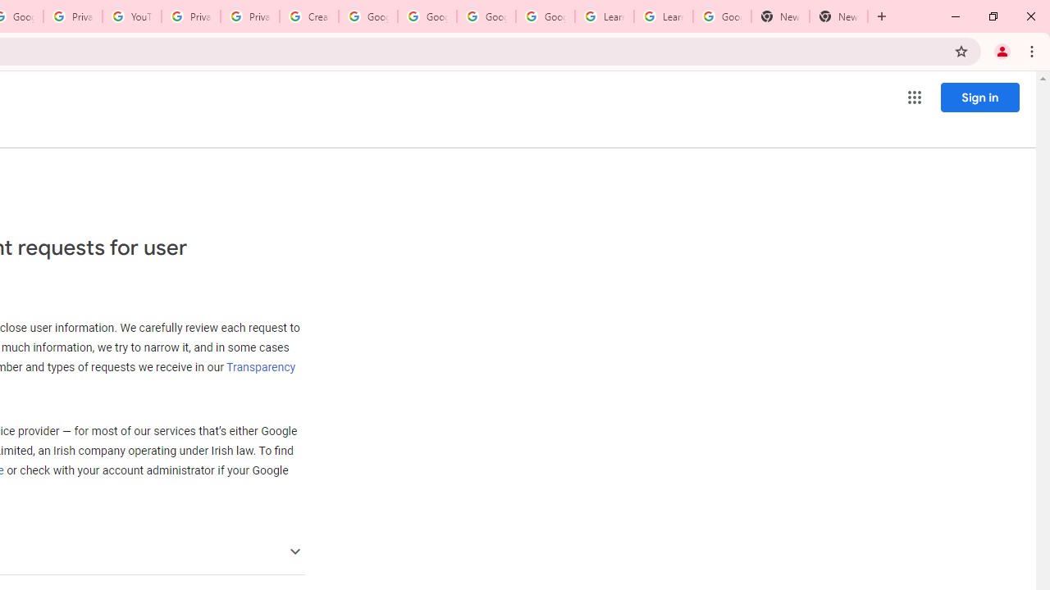 Image resolution: width=1050 pixels, height=590 pixels. I want to click on 'Create your Google Account', so click(308, 16).